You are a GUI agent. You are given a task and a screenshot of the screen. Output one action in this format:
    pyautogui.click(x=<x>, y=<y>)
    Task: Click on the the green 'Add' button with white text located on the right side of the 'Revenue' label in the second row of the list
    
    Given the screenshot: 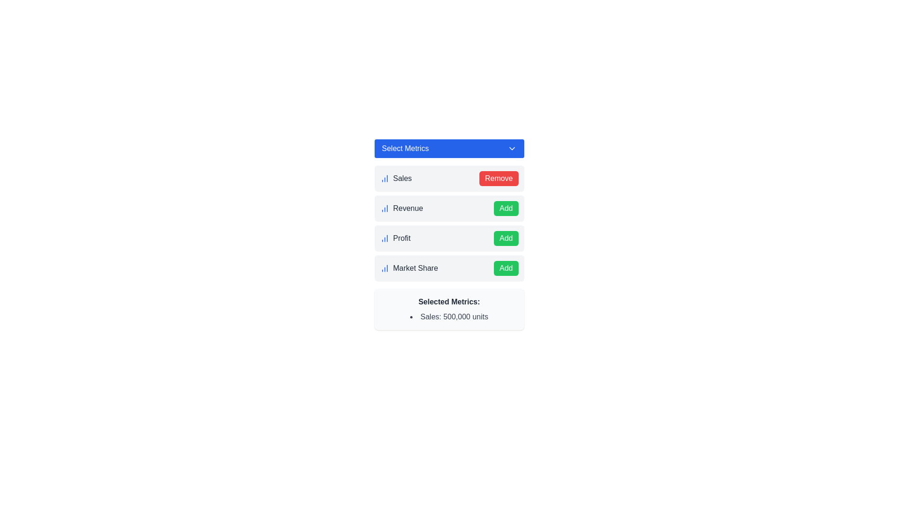 What is the action you would take?
    pyautogui.click(x=506, y=208)
    